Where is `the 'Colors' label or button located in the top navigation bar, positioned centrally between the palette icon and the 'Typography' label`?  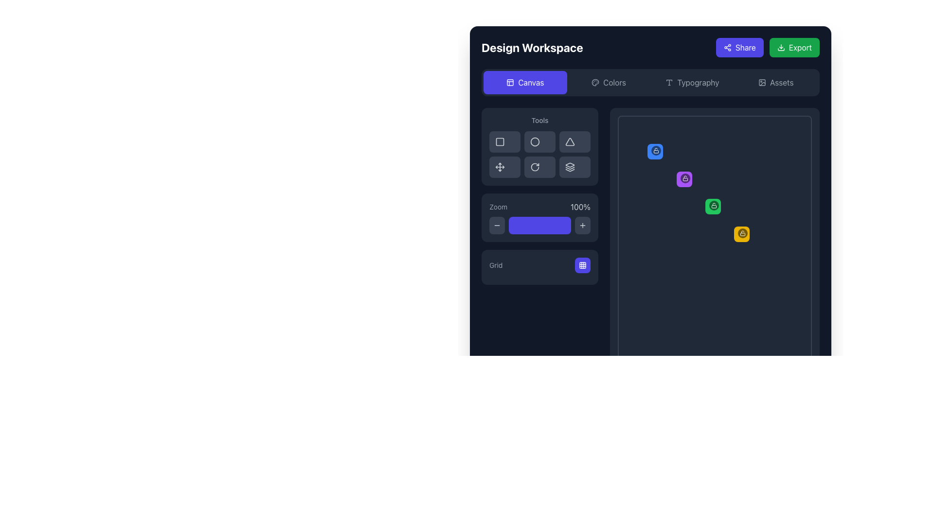
the 'Colors' label or button located in the top navigation bar, positioned centrally between the palette icon and the 'Typography' label is located at coordinates (614, 82).